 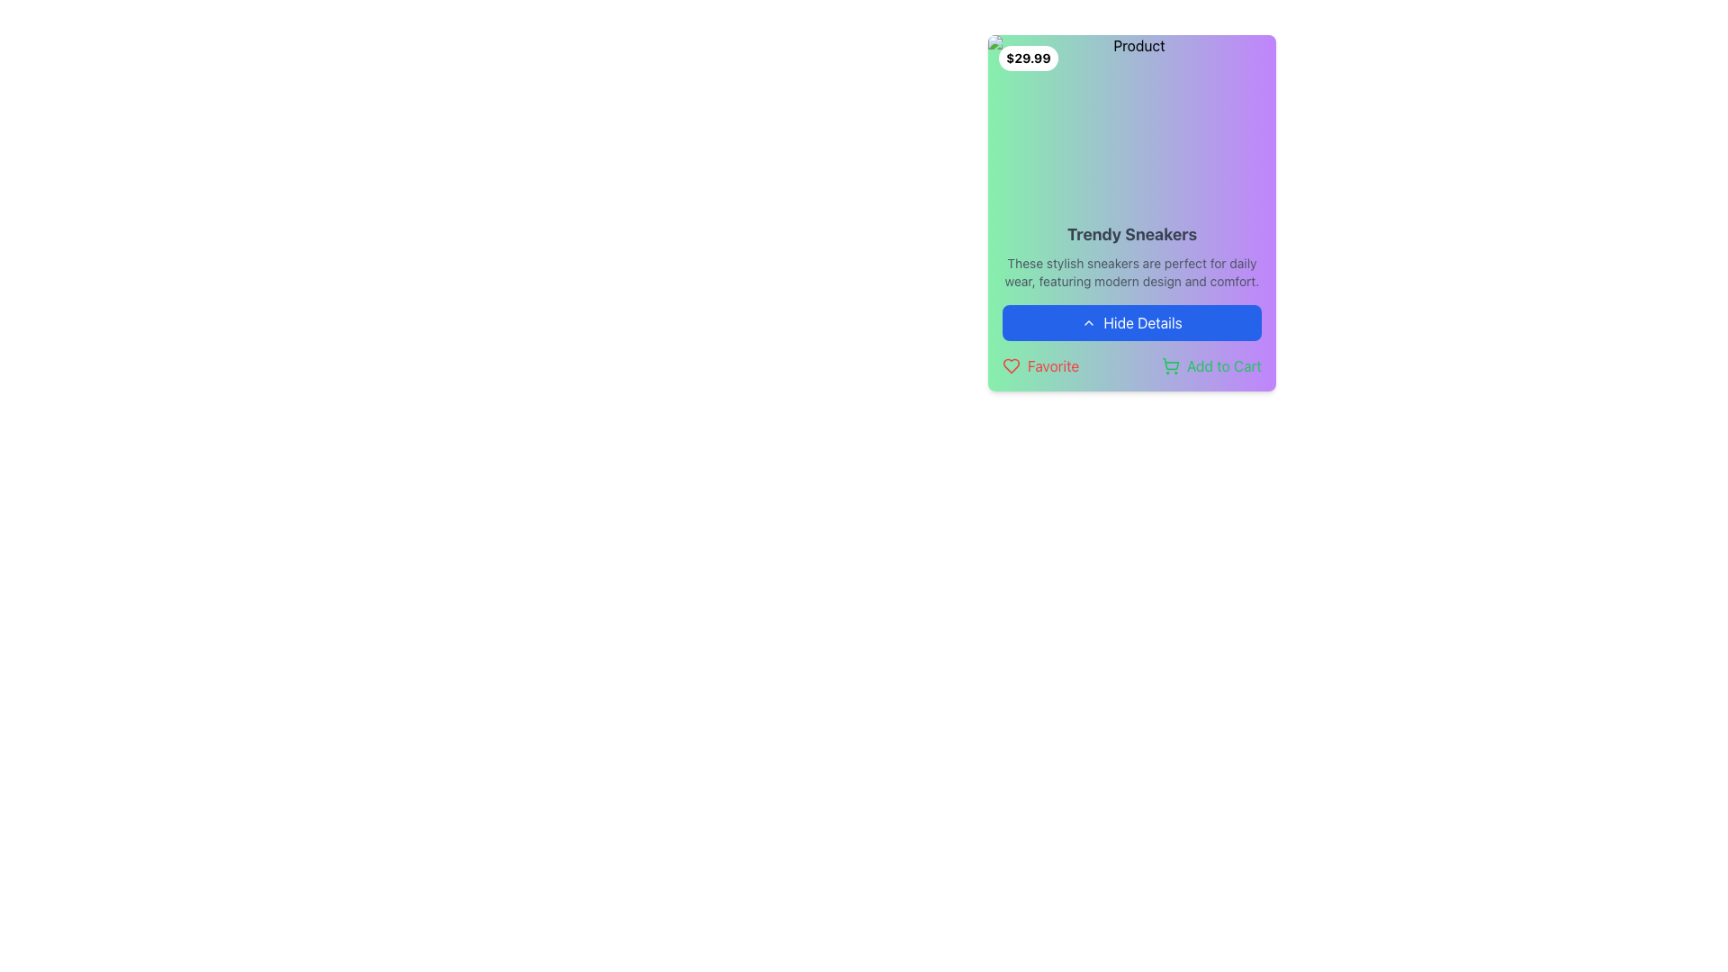 I want to click on the heart-shaped vector icon located in the bottom-left corner of the main card component, so click(x=1011, y=365).